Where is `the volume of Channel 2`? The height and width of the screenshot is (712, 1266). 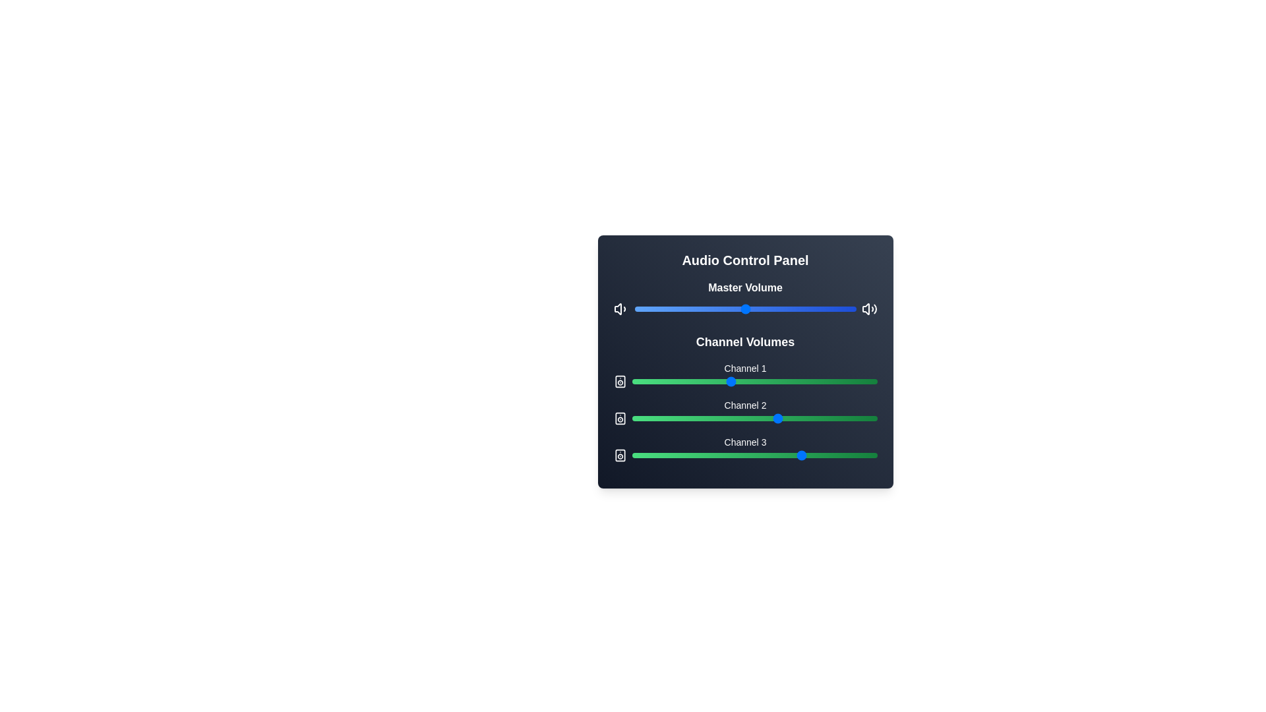
the volume of Channel 2 is located at coordinates (774, 419).